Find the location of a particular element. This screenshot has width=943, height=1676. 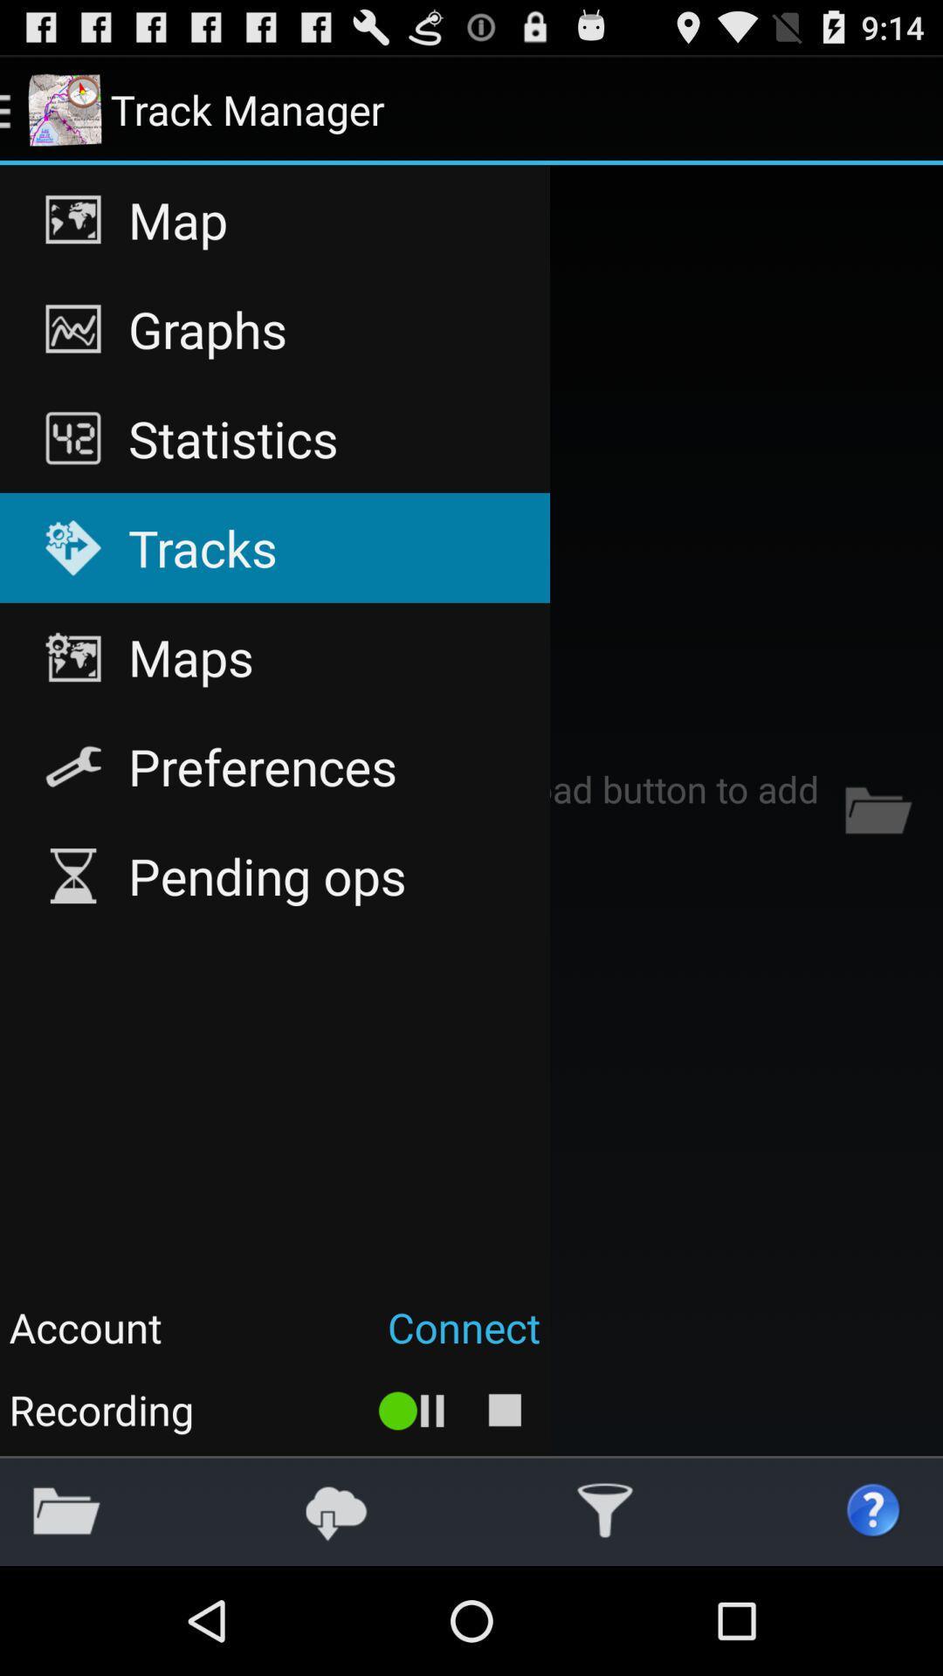

item at the center is located at coordinates (471, 809).